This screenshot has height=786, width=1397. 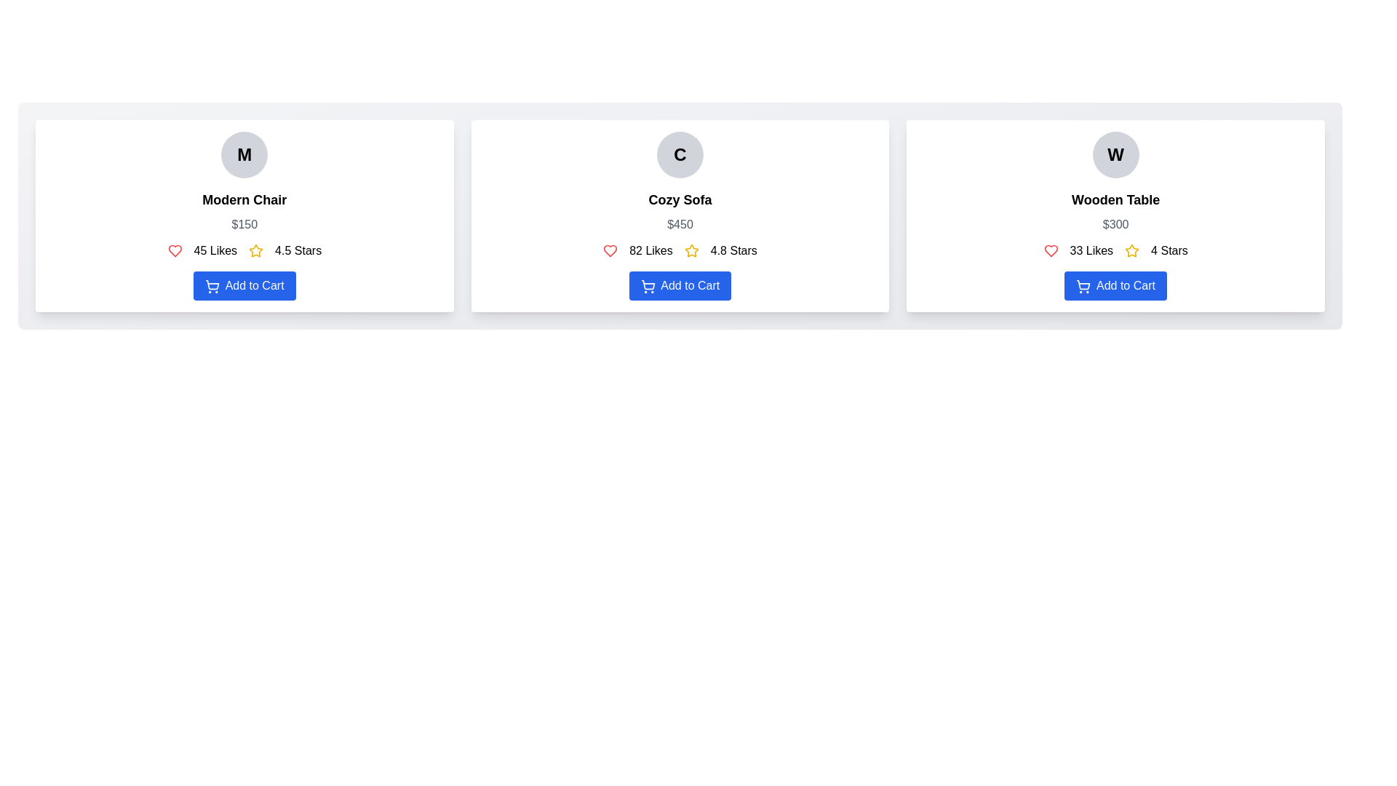 I want to click on the visual state of the heart-shaped icon representing 'like' or 'favorite' action located below the product name and price in the second product card for 'Cozy Sofa', aligned next to '82 Likes', so click(x=610, y=250).